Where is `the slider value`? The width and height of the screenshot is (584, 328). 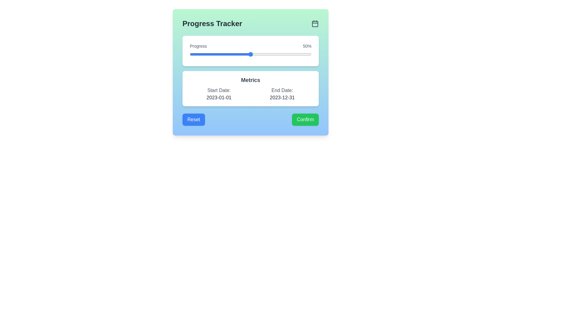 the slider value is located at coordinates (215, 54).